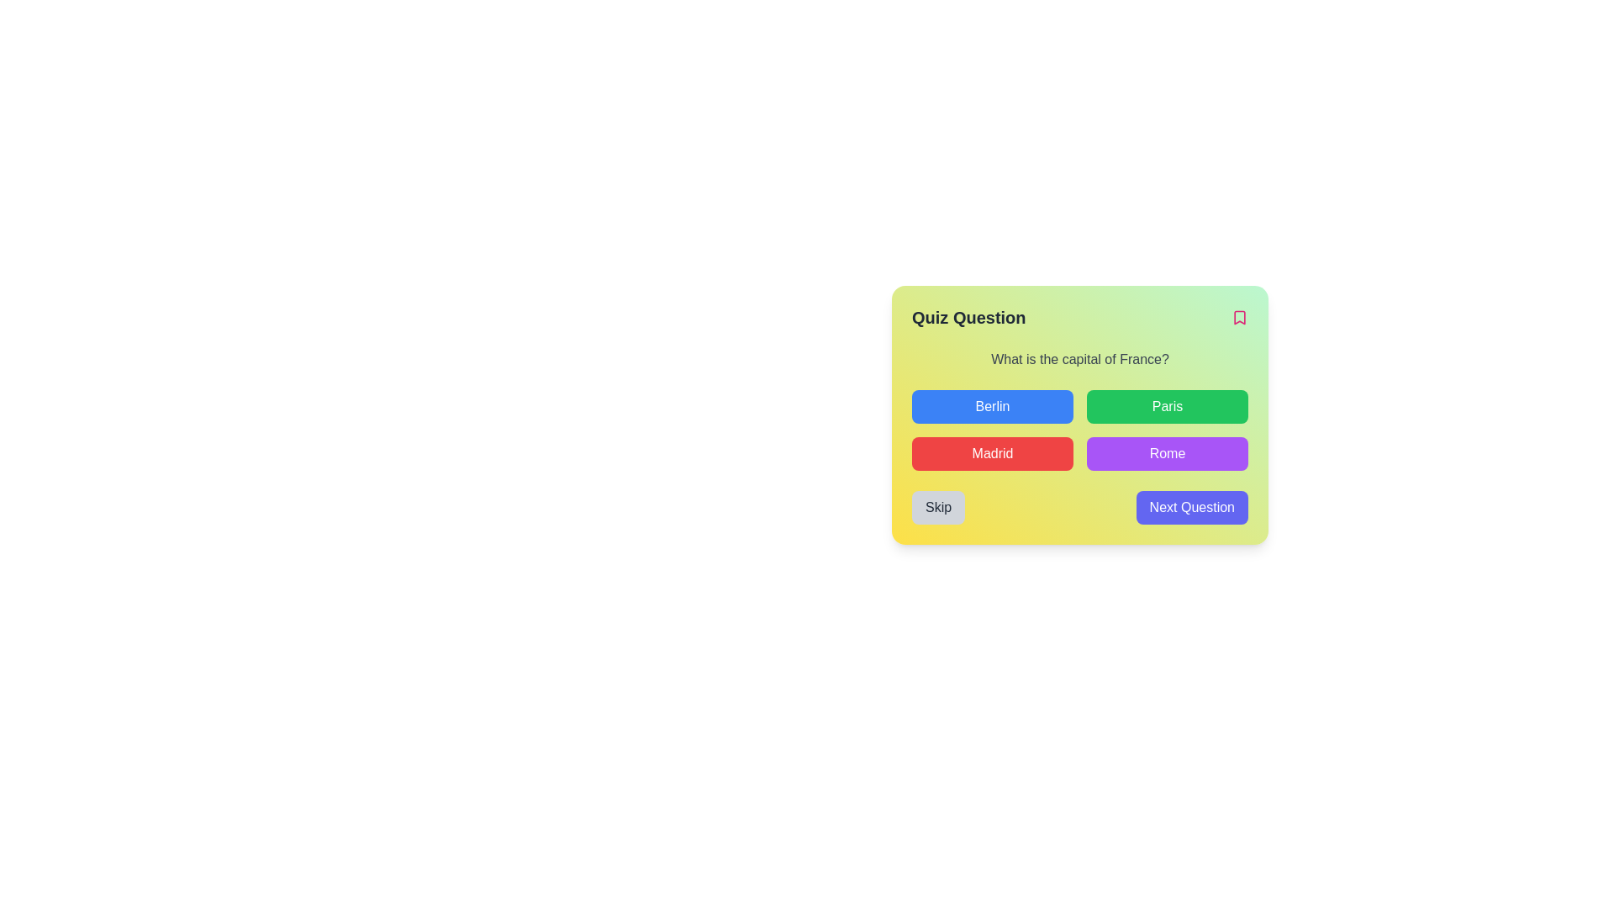 The width and height of the screenshot is (1614, 908). Describe the element at coordinates (937, 507) in the screenshot. I see `the 'Skip Question' button located in the bottom-left corner of the quiz card to observe the hover effect` at that location.